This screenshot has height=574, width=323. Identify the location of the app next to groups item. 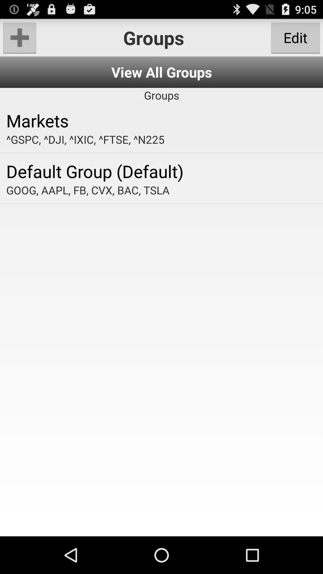
(295, 37).